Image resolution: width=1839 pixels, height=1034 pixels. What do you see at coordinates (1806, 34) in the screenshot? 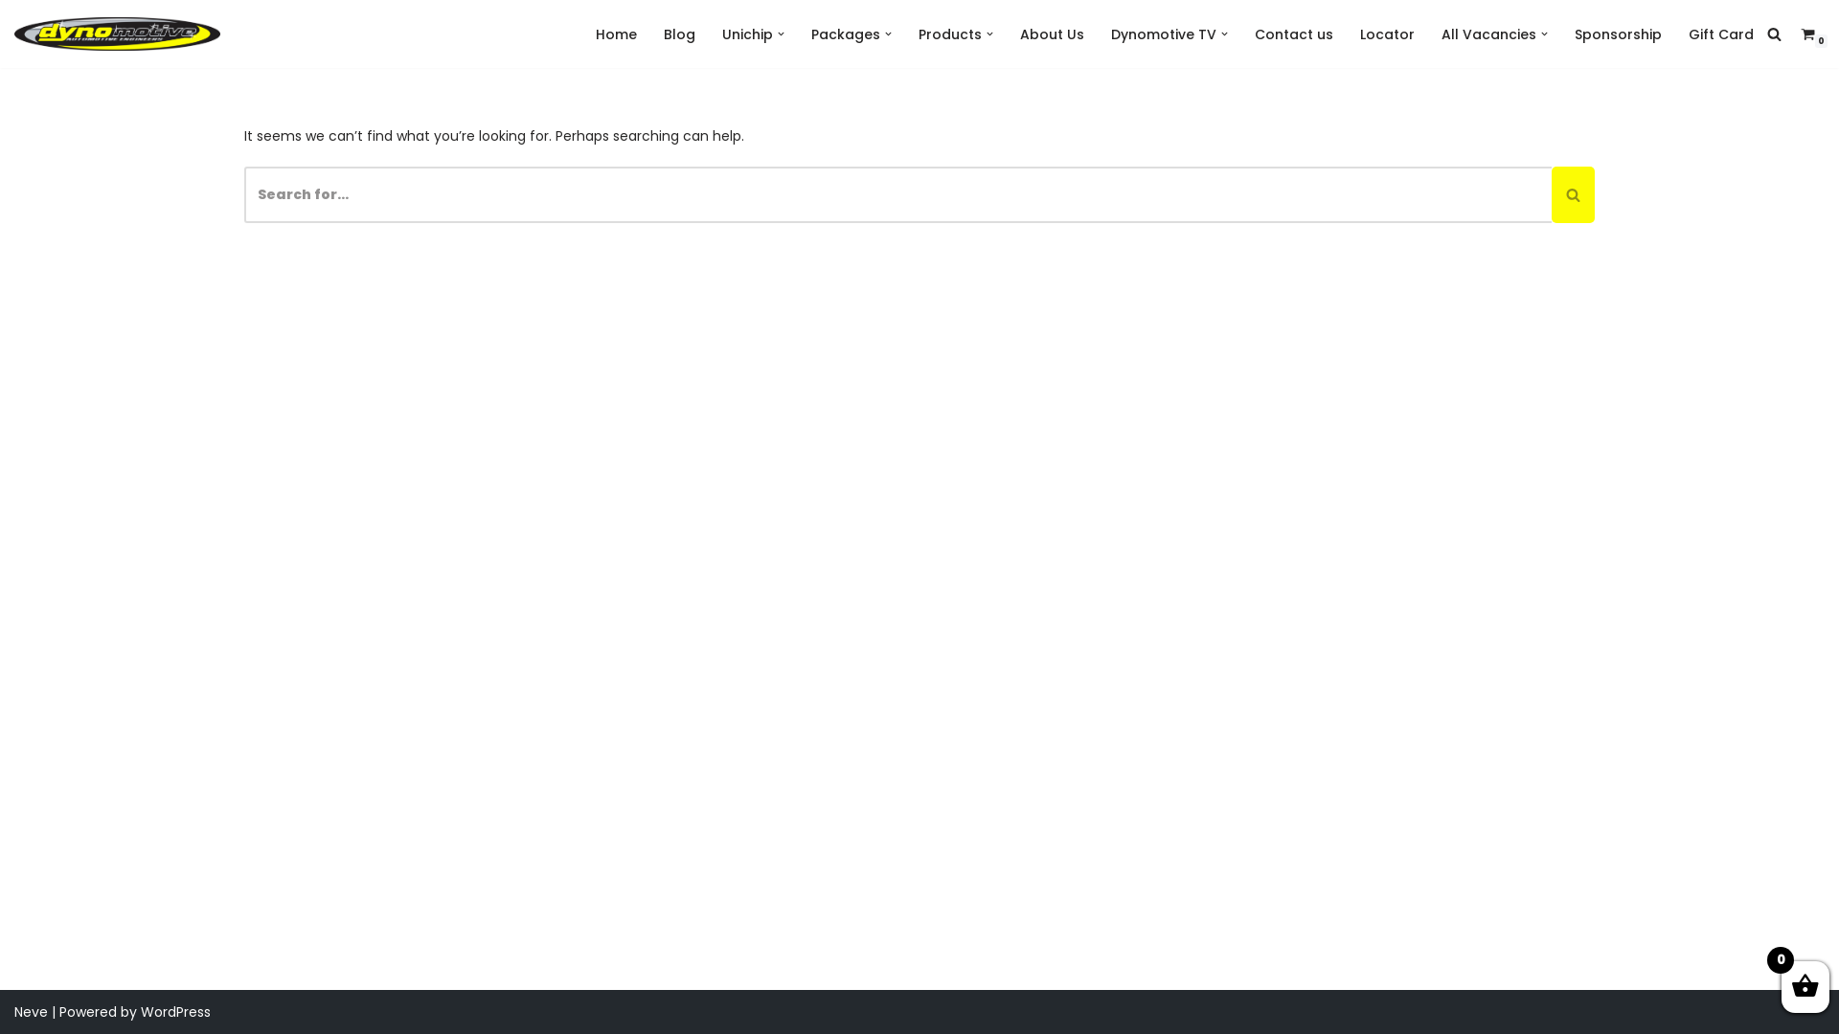
I see `'0'` at bounding box center [1806, 34].